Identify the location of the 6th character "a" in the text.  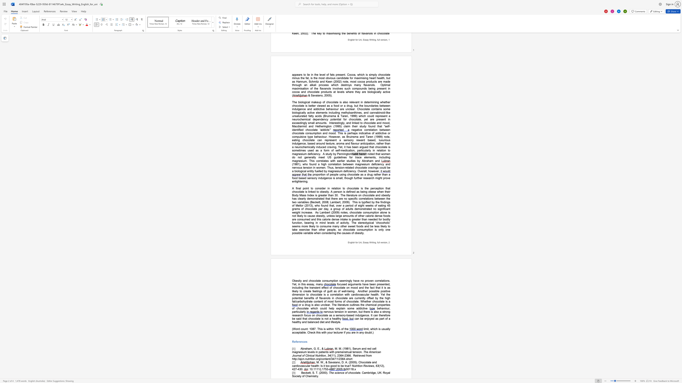
(294, 366).